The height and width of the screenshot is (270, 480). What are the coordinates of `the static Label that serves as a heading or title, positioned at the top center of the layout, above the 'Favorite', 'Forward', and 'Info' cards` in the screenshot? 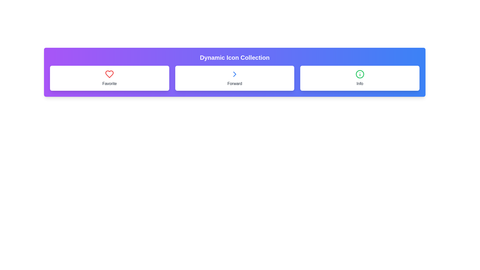 It's located at (234, 57).